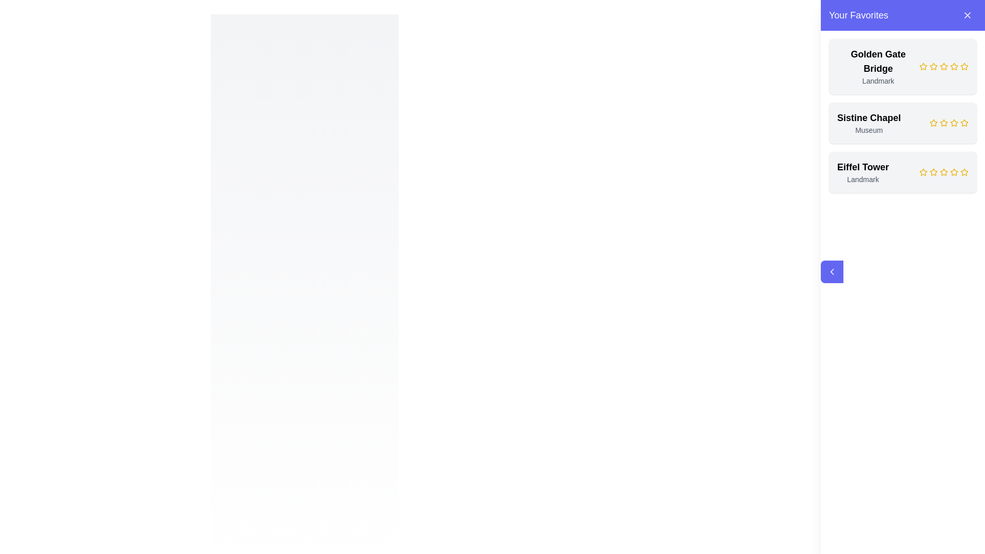 Image resolution: width=985 pixels, height=554 pixels. What do you see at coordinates (832, 271) in the screenshot?
I see `the leftward arrow button styled in rich indigo color` at bounding box center [832, 271].